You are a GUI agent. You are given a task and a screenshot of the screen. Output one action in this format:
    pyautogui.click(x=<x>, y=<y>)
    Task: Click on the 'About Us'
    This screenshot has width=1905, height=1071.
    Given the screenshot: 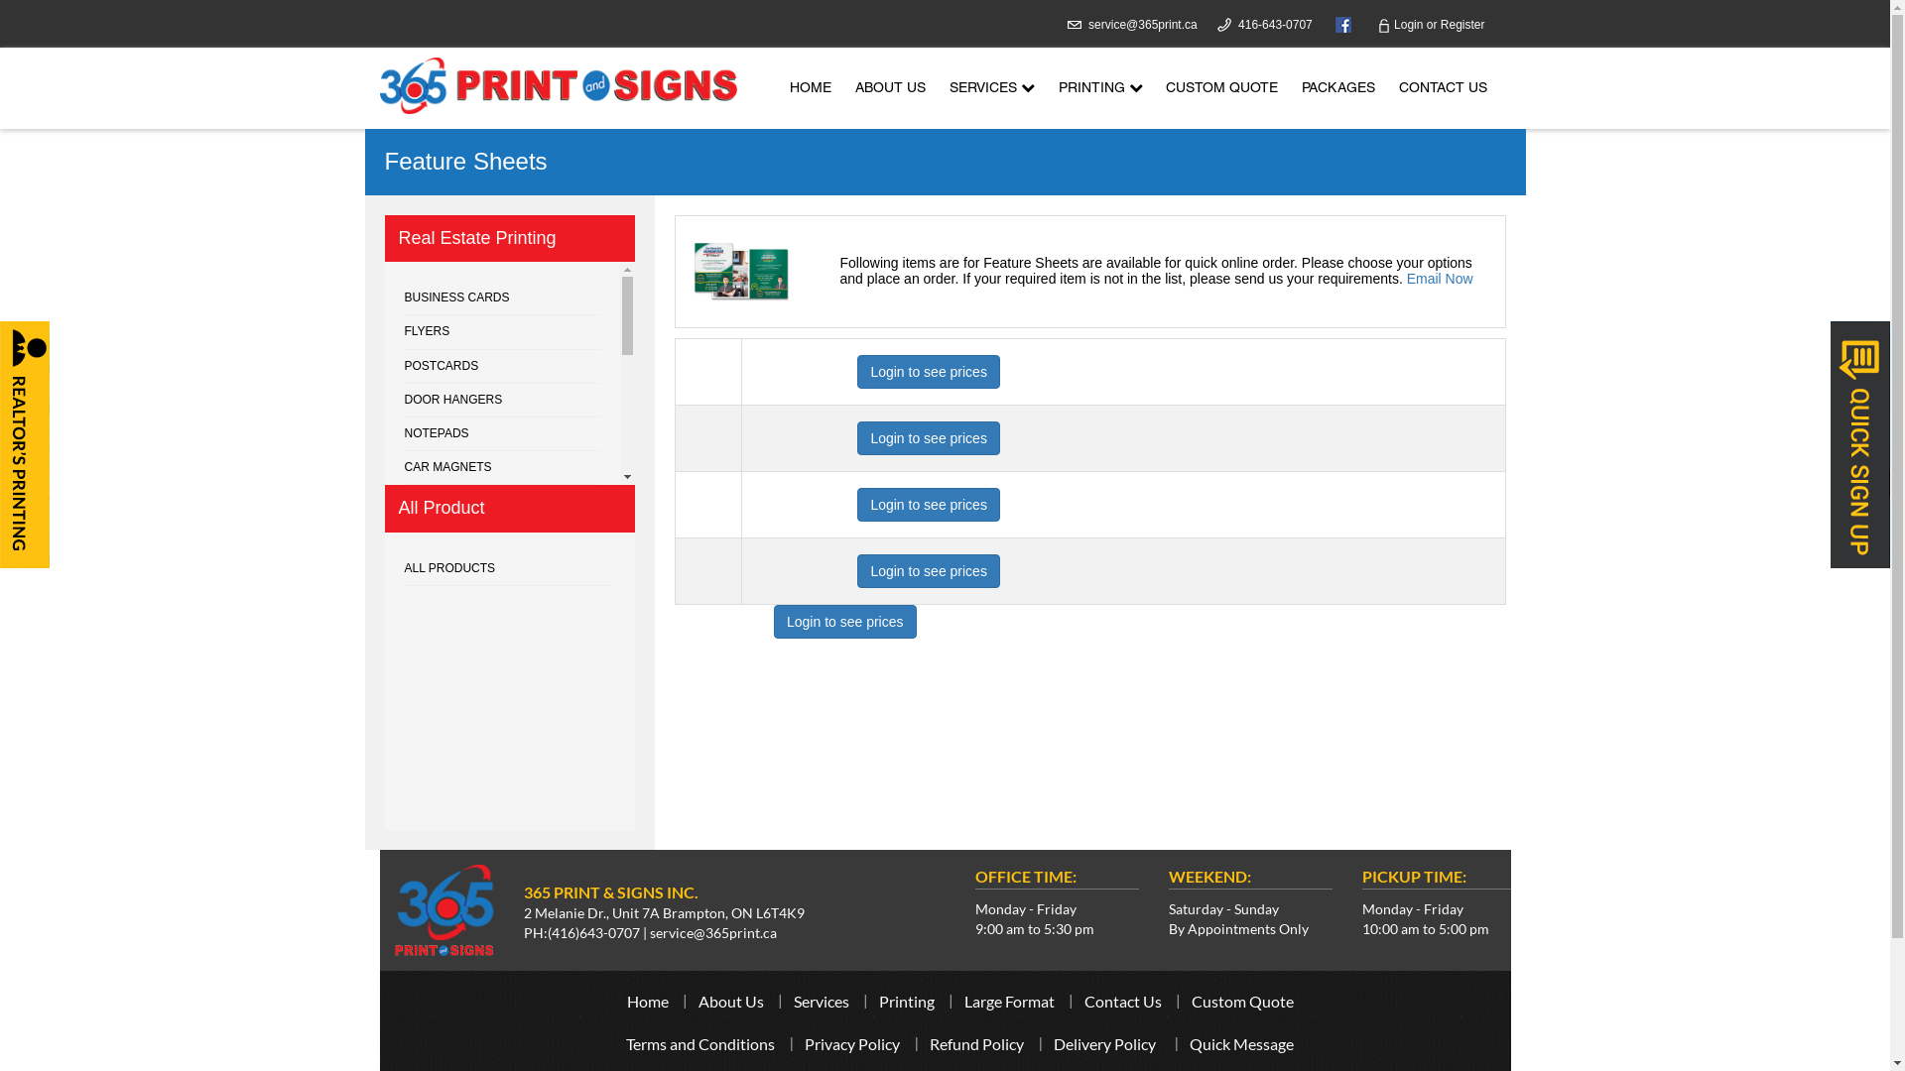 What is the action you would take?
    pyautogui.click(x=698, y=1001)
    